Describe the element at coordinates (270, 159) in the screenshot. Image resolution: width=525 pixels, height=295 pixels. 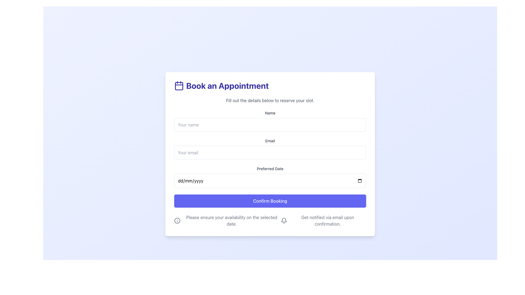
I see `a date by clicking on the date input field within the grid layout of the booking form, which is centrally located beneath the introductory text` at that location.